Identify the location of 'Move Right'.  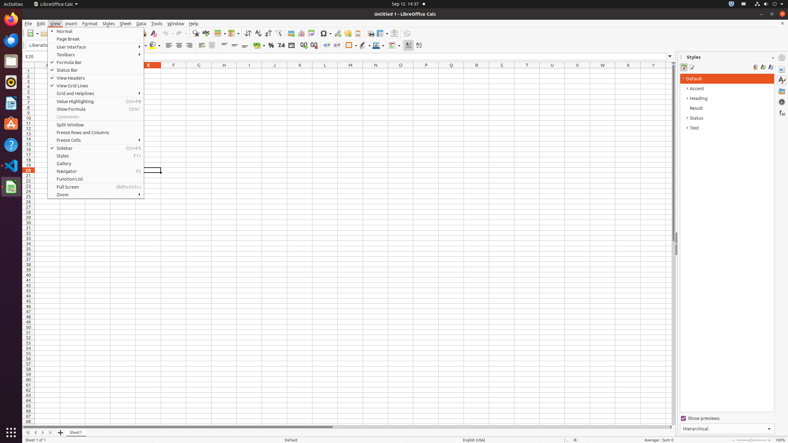
(43, 432).